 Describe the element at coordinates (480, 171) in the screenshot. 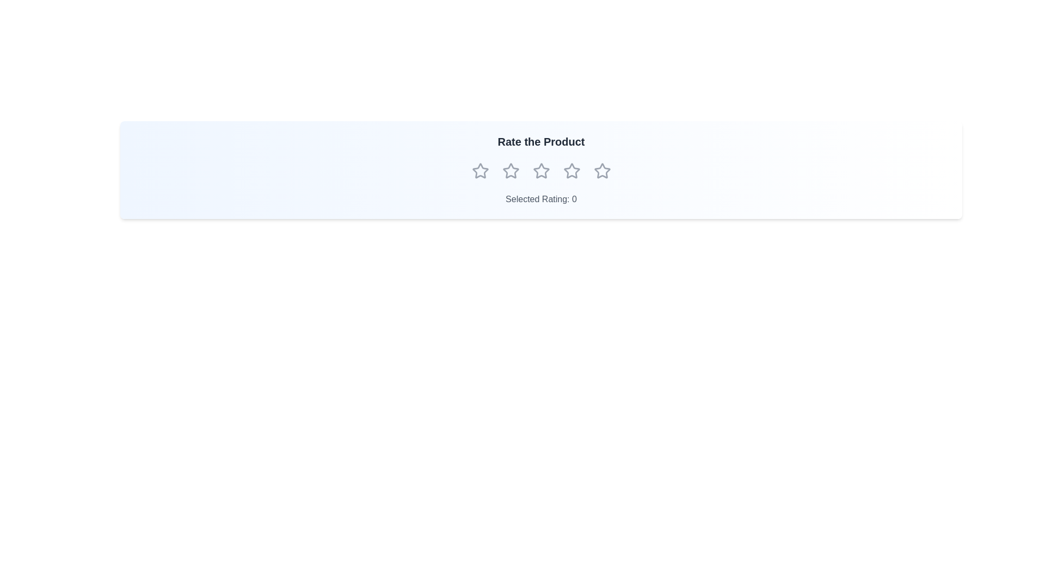

I see `the first star icon in the 'Rate the Product' section to give a rating of 1 out of 5` at that location.